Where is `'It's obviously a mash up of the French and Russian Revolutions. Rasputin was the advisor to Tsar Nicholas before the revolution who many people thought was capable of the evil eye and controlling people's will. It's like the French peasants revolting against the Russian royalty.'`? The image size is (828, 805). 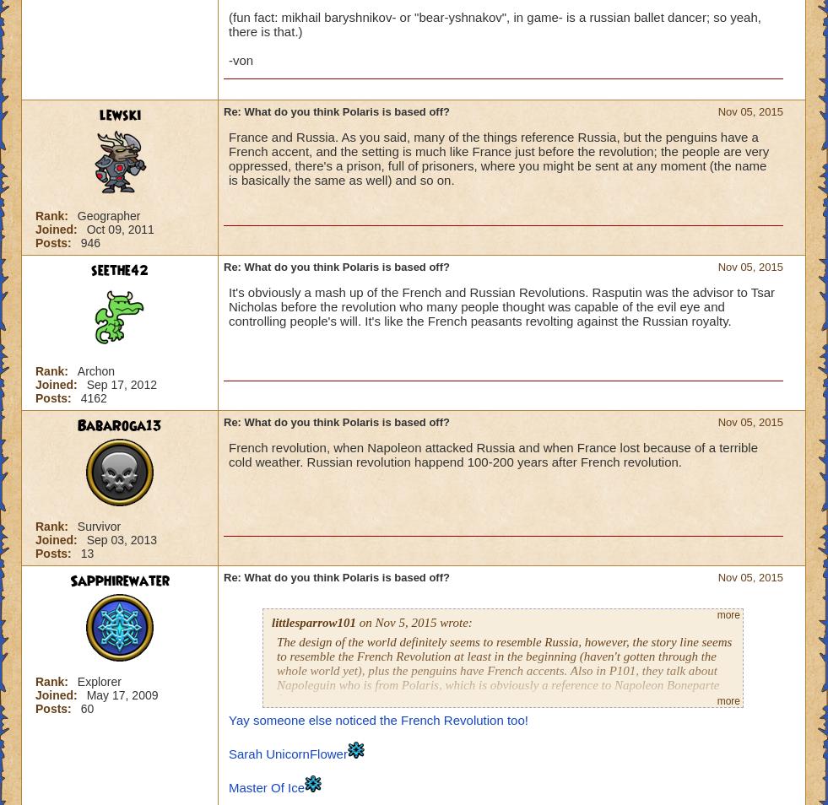 'It's obviously a mash up of the French and Russian Revolutions. Rasputin was the advisor to Tsar Nicholas before the revolution who many people thought was capable of the evil eye and controlling people's will. It's like the French peasants revolting against the Russian royalty.' is located at coordinates (501, 306).